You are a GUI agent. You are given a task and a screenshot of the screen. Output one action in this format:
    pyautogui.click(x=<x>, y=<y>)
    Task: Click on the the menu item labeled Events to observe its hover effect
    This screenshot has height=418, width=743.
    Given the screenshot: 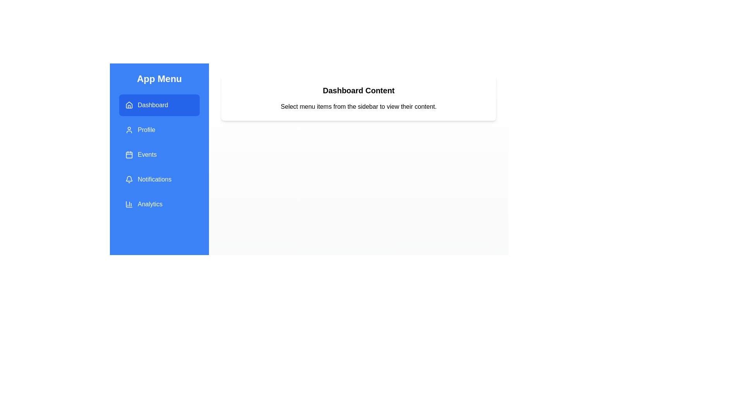 What is the action you would take?
    pyautogui.click(x=159, y=155)
    